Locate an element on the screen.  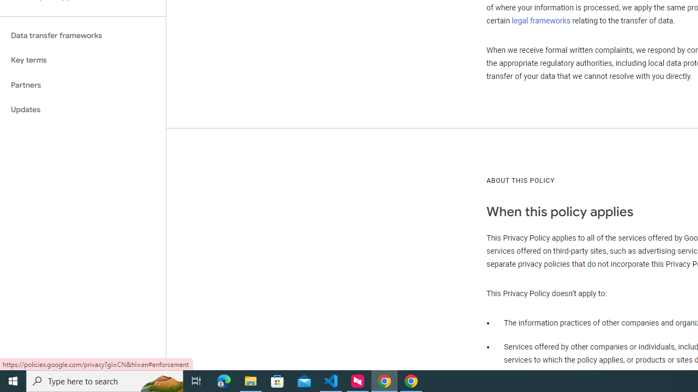
'Data transfer frameworks' is located at coordinates (82, 35).